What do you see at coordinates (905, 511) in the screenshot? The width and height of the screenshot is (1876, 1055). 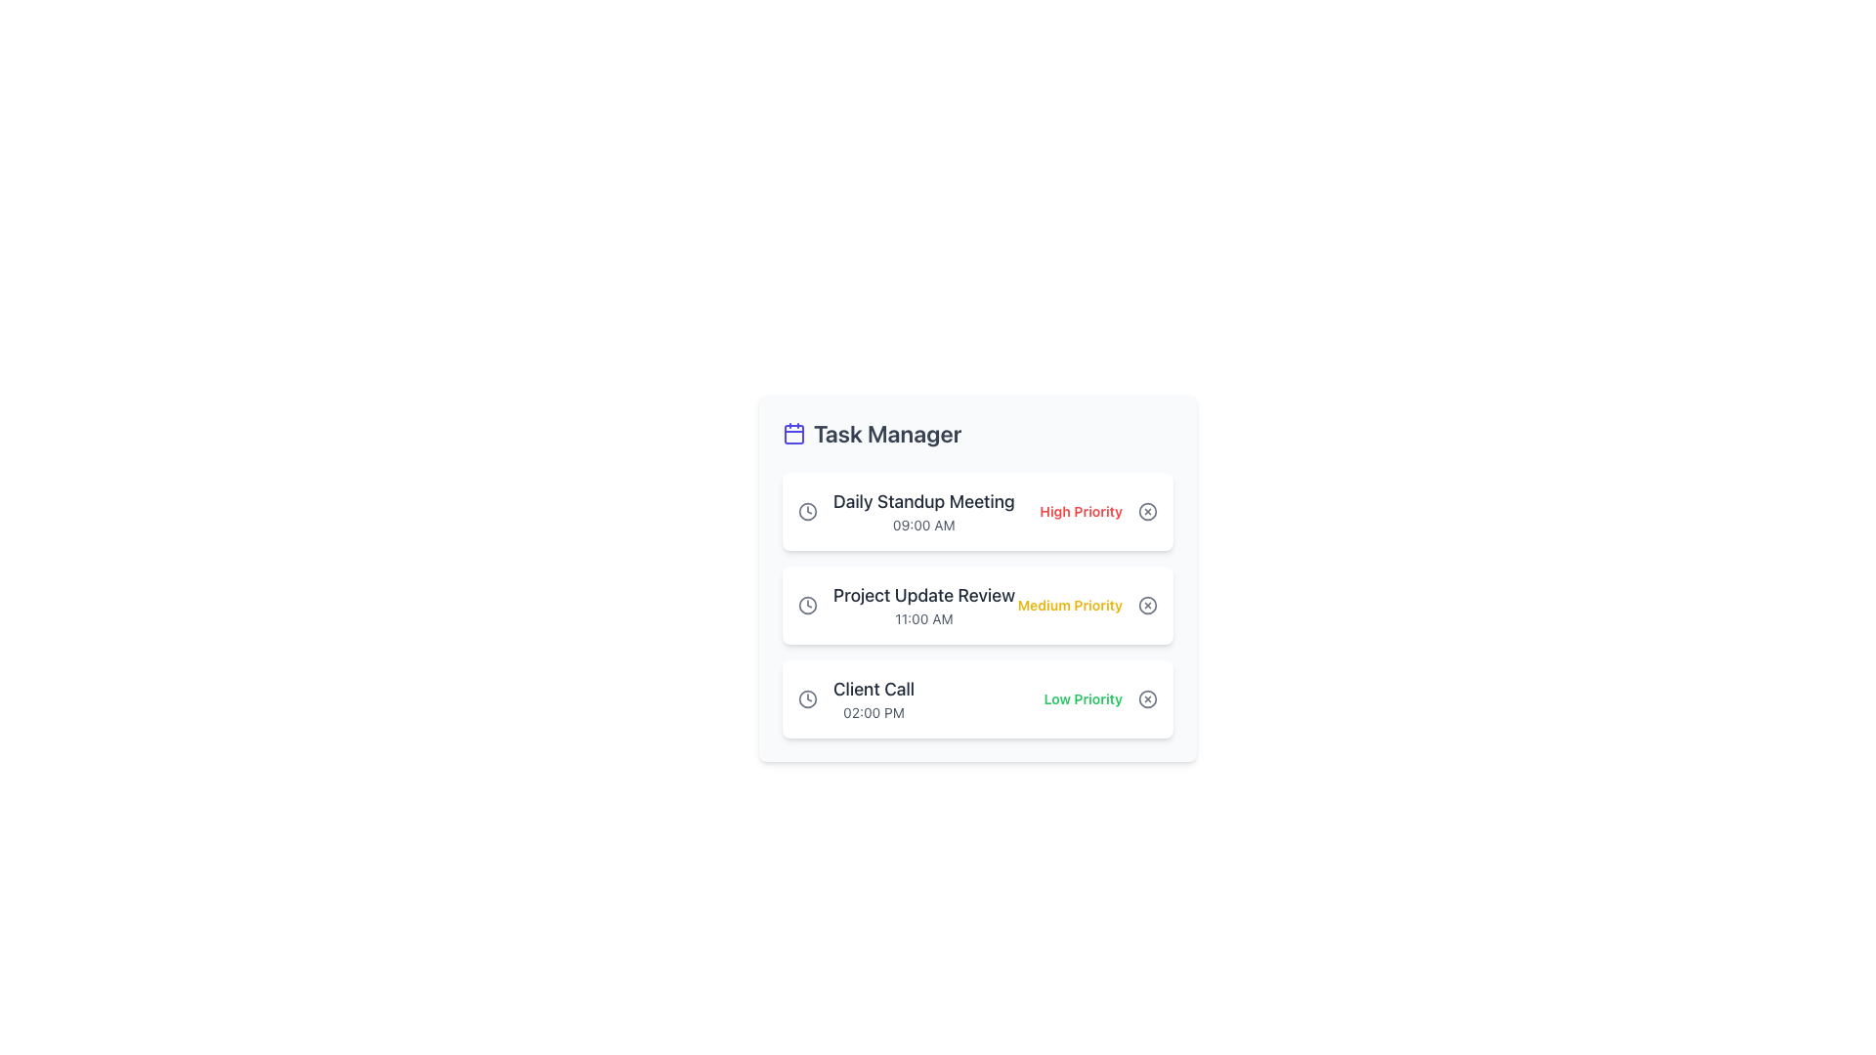 I see `the list item displaying 'Daily Standup Meeting' at 09:00 AM` at bounding box center [905, 511].